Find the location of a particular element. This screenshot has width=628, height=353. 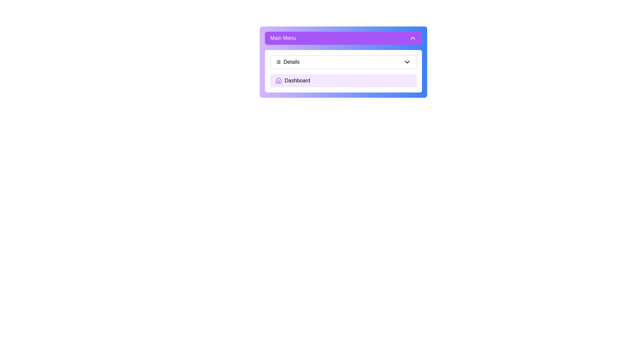

the 'Main Menu' button to toggle its state is located at coordinates (343, 38).